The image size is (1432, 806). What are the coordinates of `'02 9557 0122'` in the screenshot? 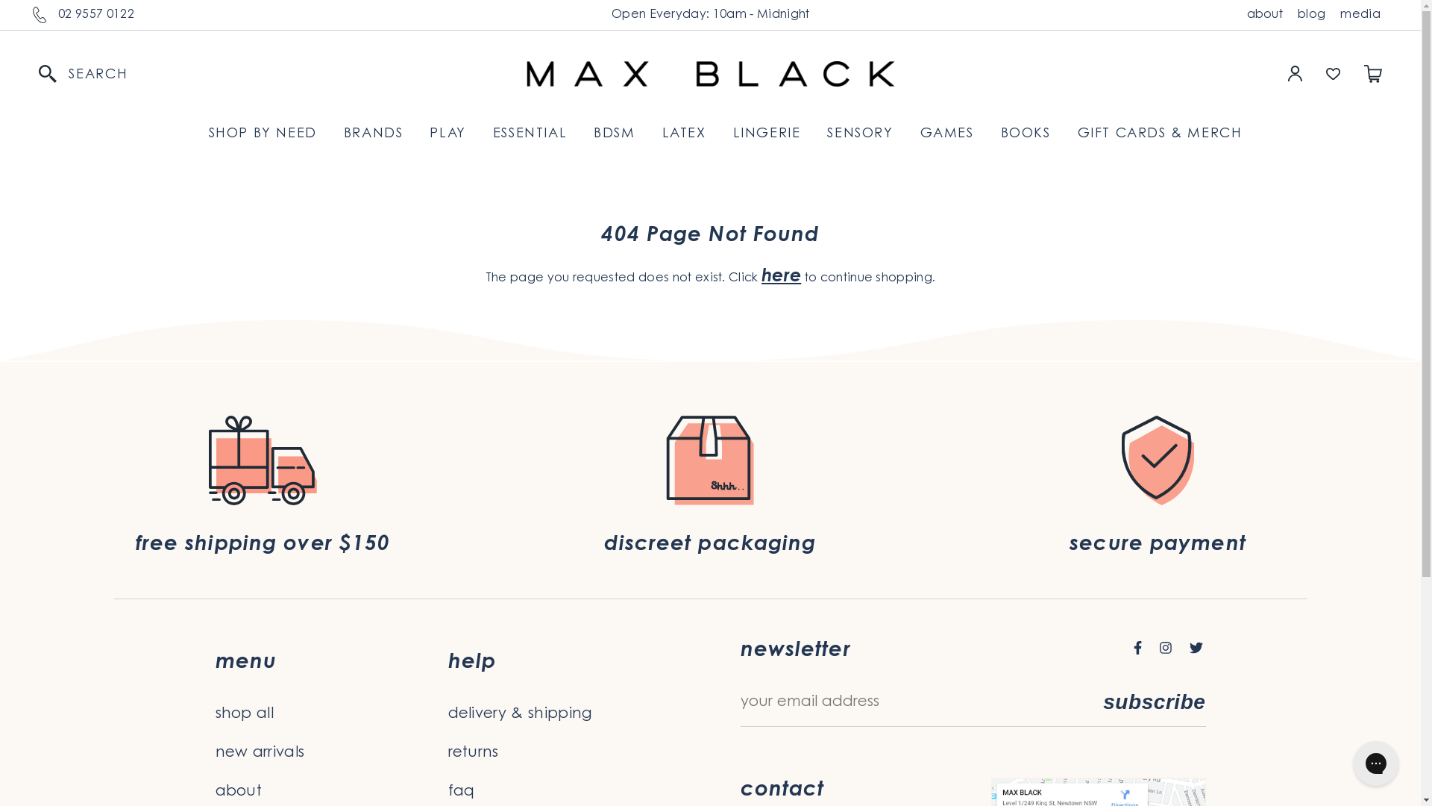 It's located at (95, 14).